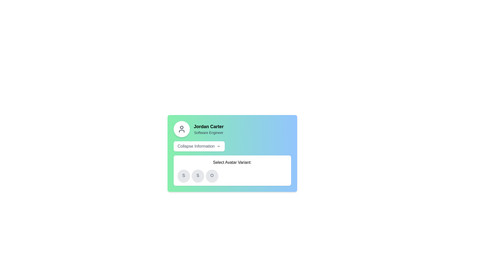 This screenshot has width=486, height=273. What do you see at coordinates (232, 163) in the screenshot?
I see `the Text Label that provides context to the avatar selection options, located in the bottom-right quadrant above the circular buttons labeled 'S', 'S', and 'O'` at bounding box center [232, 163].